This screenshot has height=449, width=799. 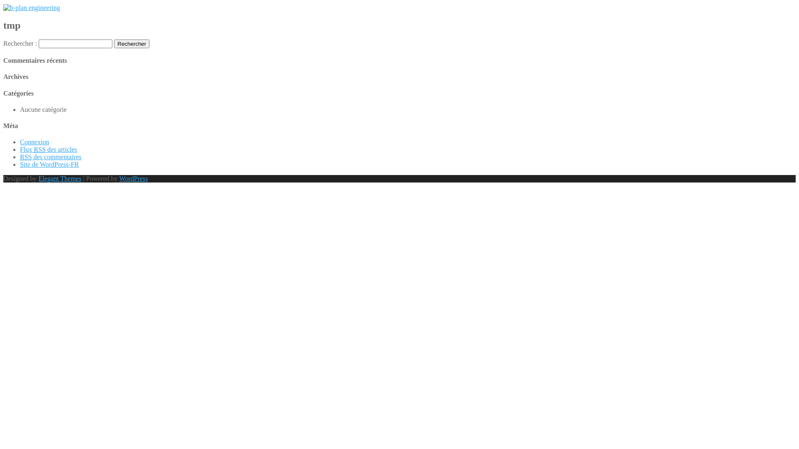 I want to click on 'WordPress', so click(x=134, y=178).